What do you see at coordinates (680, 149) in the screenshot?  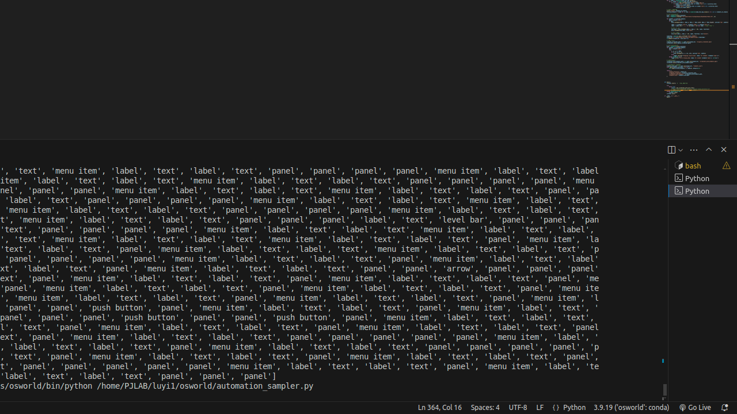 I see `'Launch Profile...'` at bounding box center [680, 149].